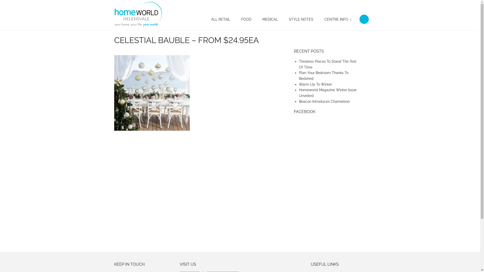 This screenshot has width=484, height=272. Describe the element at coordinates (324, 19) in the screenshot. I see `'CENTRE INFO'` at that location.